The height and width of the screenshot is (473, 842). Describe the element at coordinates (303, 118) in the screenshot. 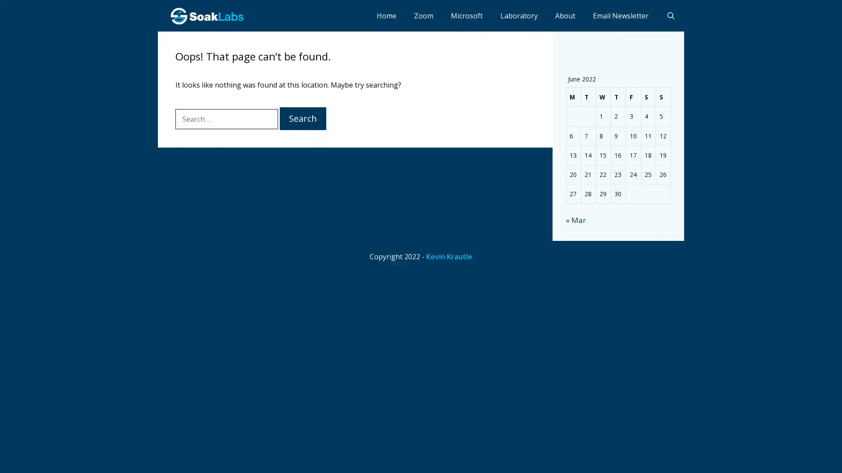

I see `Search` at that location.